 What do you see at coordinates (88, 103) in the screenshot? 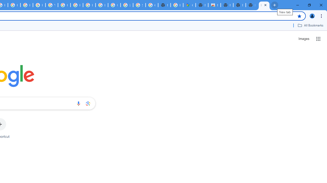
I see `'Search by image'` at bounding box center [88, 103].